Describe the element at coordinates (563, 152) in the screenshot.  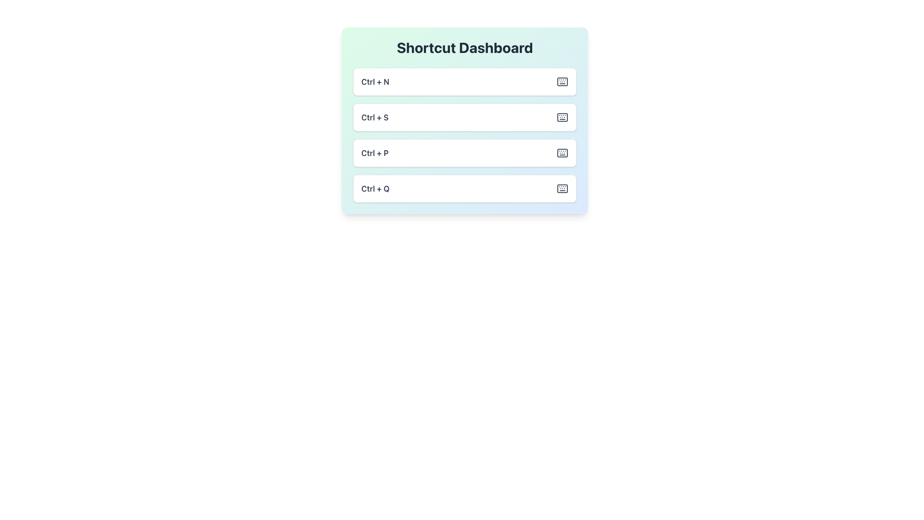
I see `the keyboard icon located to the right of the 'Ctrl + P' shortcut text` at that location.